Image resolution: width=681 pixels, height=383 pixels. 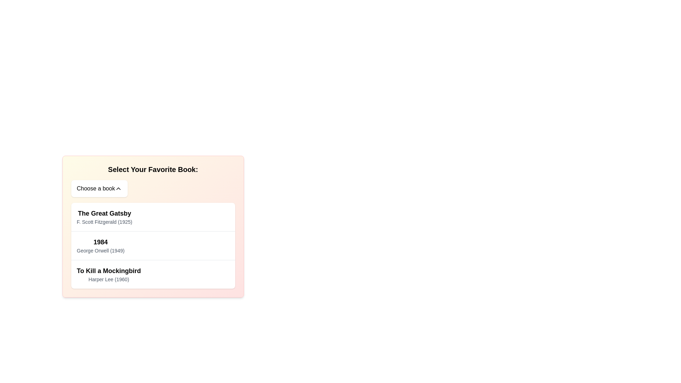 What do you see at coordinates (99, 188) in the screenshot?
I see `the dropdown button located directly below the title 'Select Your Favorite Book:' to enable navigation` at bounding box center [99, 188].